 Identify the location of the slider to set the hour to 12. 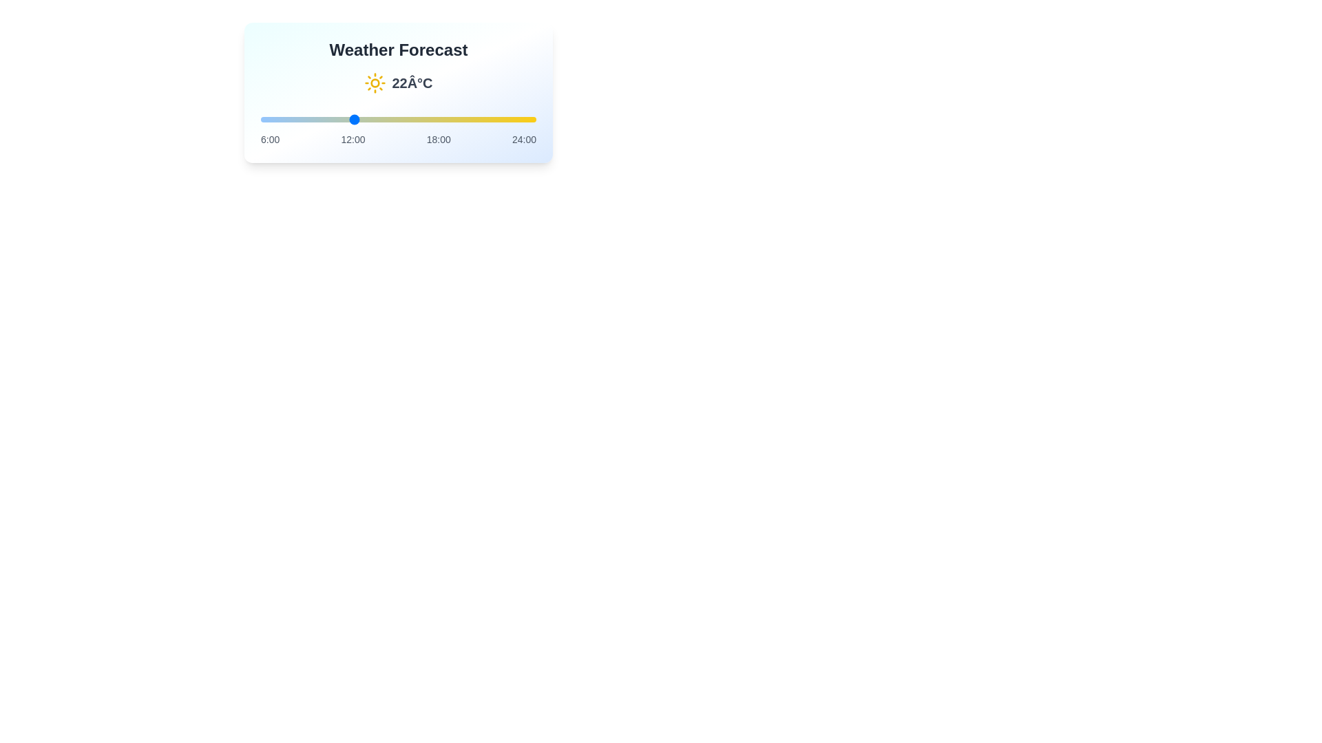
(353, 118).